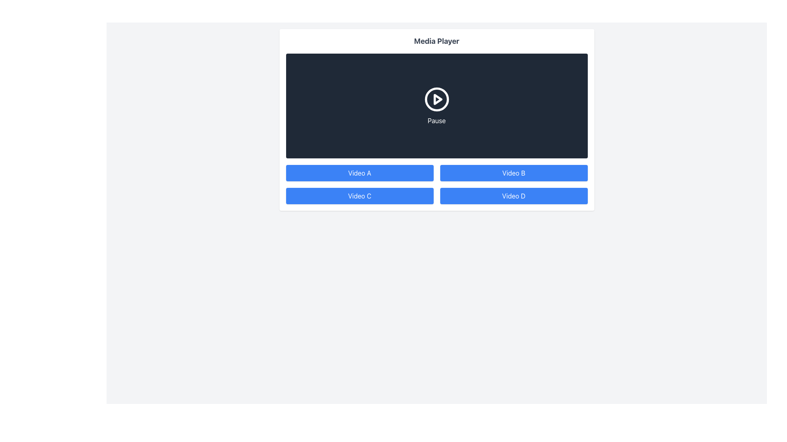  What do you see at coordinates (436, 99) in the screenshot?
I see `the play button, which is a circular design with a triangle pointing right, located centrally in the media player interface` at bounding box center [436, 99].